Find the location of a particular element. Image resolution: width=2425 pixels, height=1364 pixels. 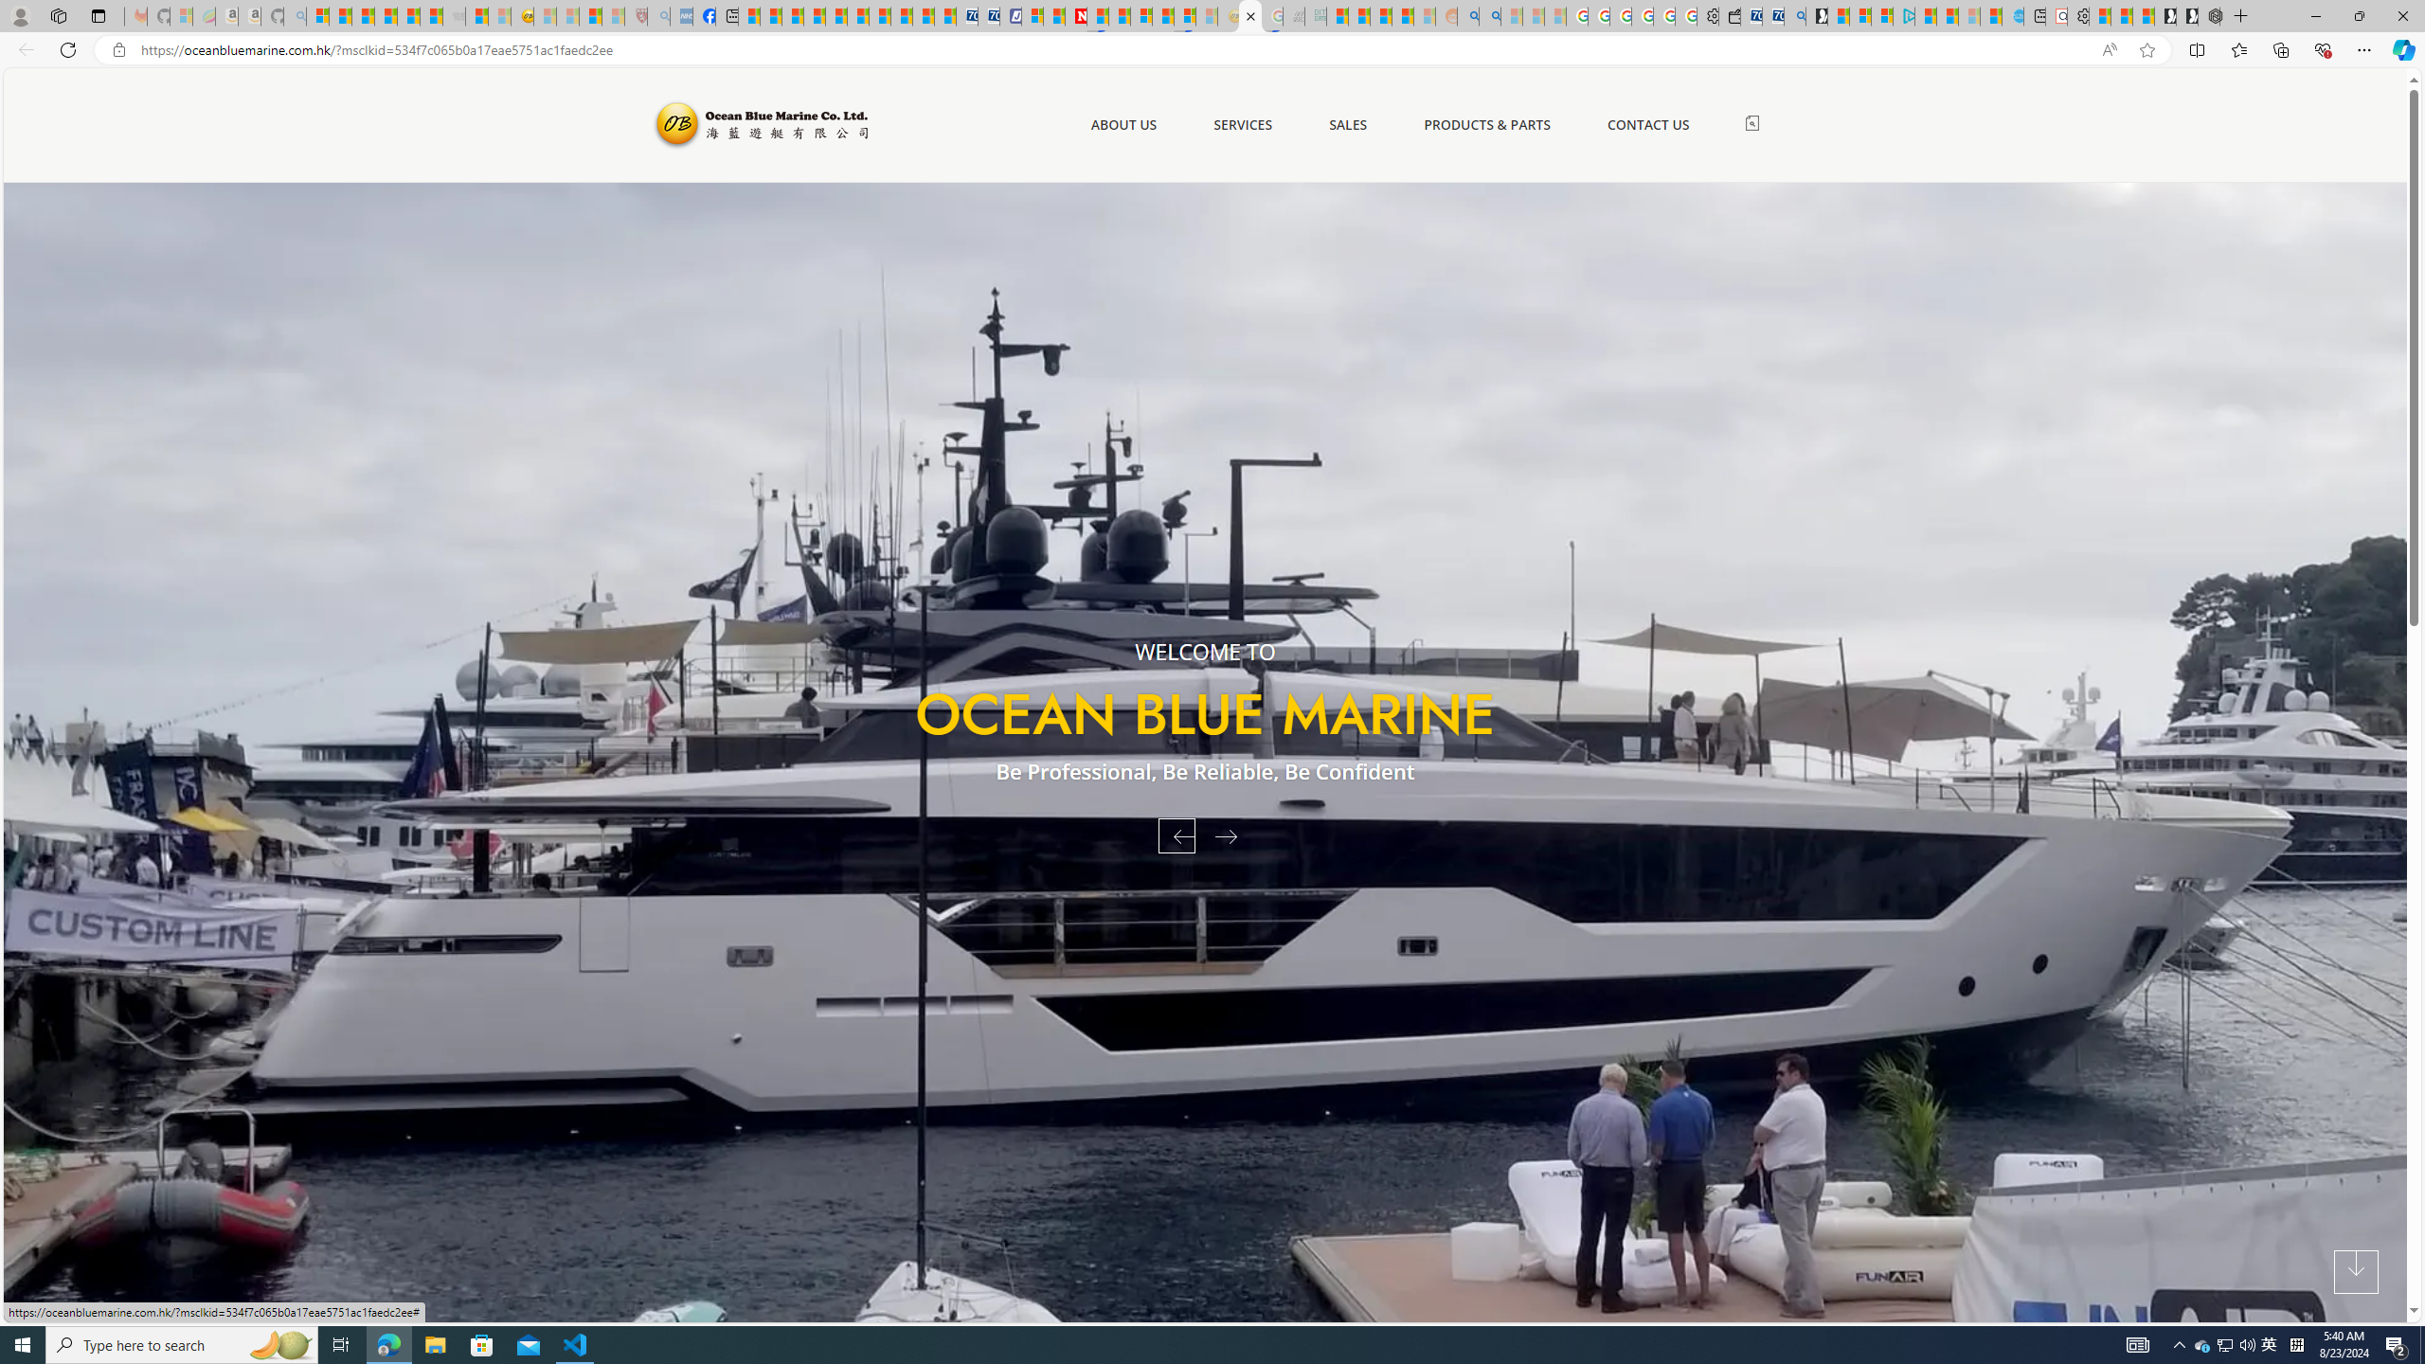

'Ocean Blue Marine' is located at coordinates (758, 123).